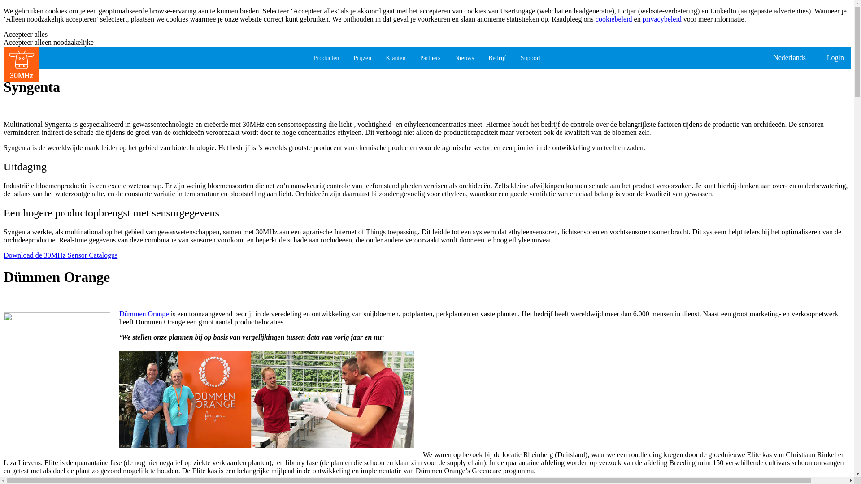 This screenshot has width=861, height=484. What do you see at coordinates (60, 255) in the screenshot?
I see `'Download de 30MHz Sensor Catalogus'` at bounding box center [60, 255].